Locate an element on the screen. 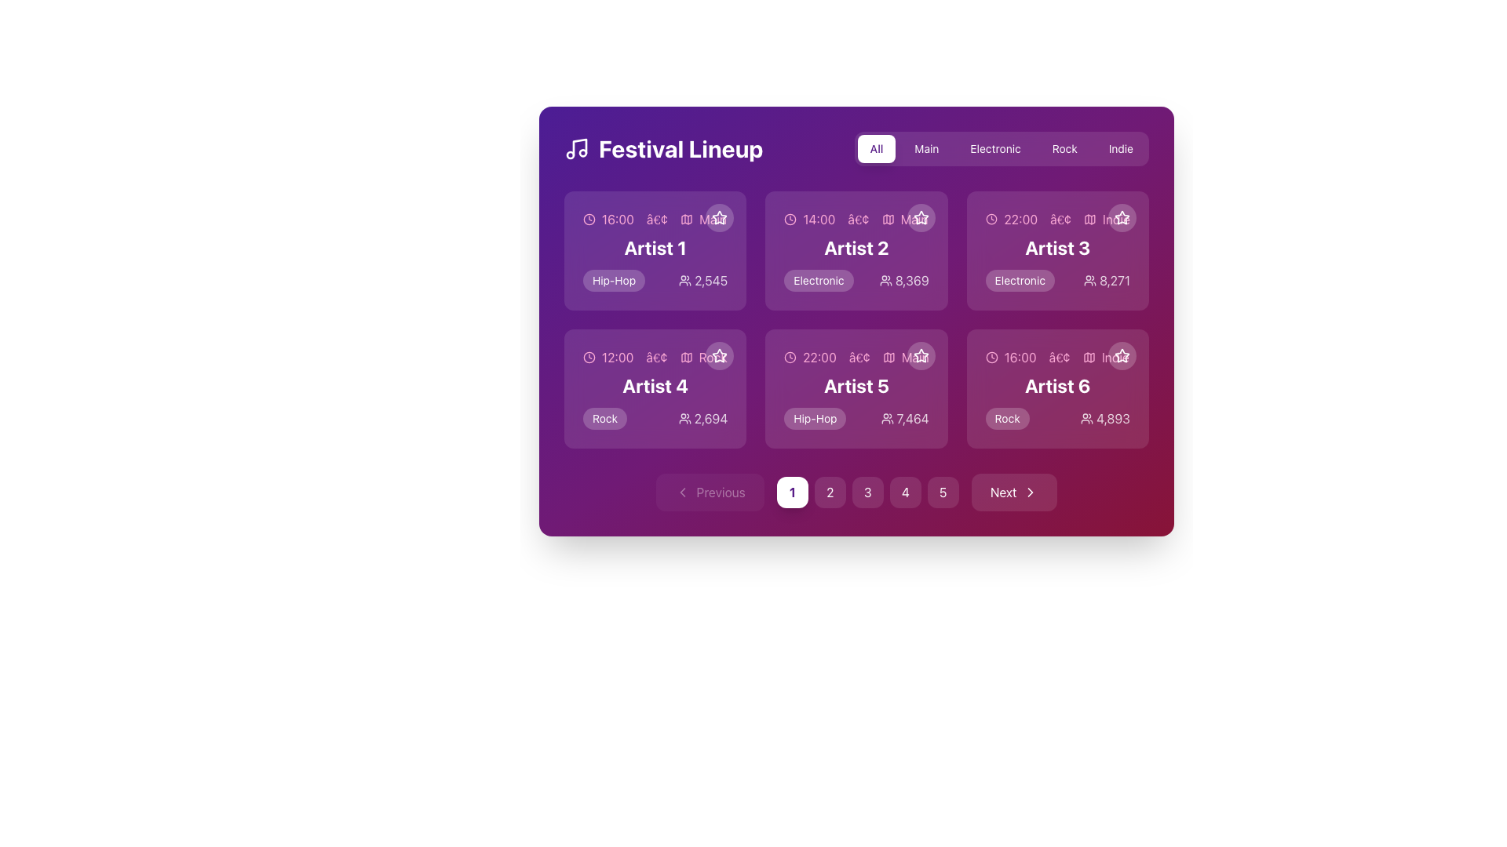 Image resolution: width=1507 pixels, height=847 pixels. the icon of two user figures located in the bottom right section of the main grid layout, to the immediate left of the numeric label '4,893' is located at coordinates (1086, 417).